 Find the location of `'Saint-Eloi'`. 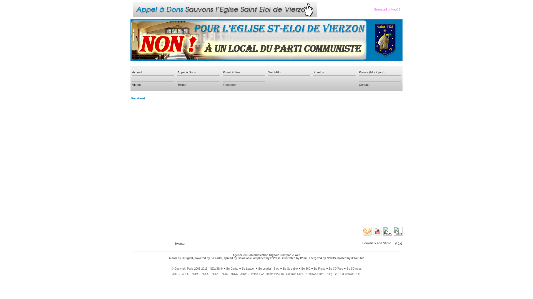

'Saint-Eloi' is located at coordinates (275, 71).